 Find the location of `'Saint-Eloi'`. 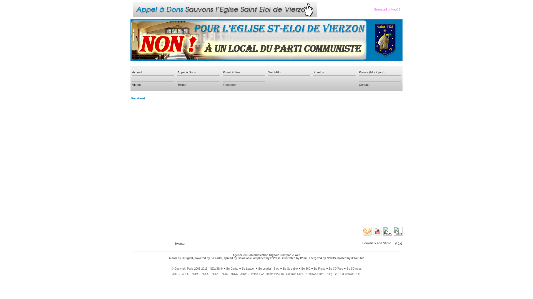

'Saint-Eloi' is located at coordinates (275, 71).